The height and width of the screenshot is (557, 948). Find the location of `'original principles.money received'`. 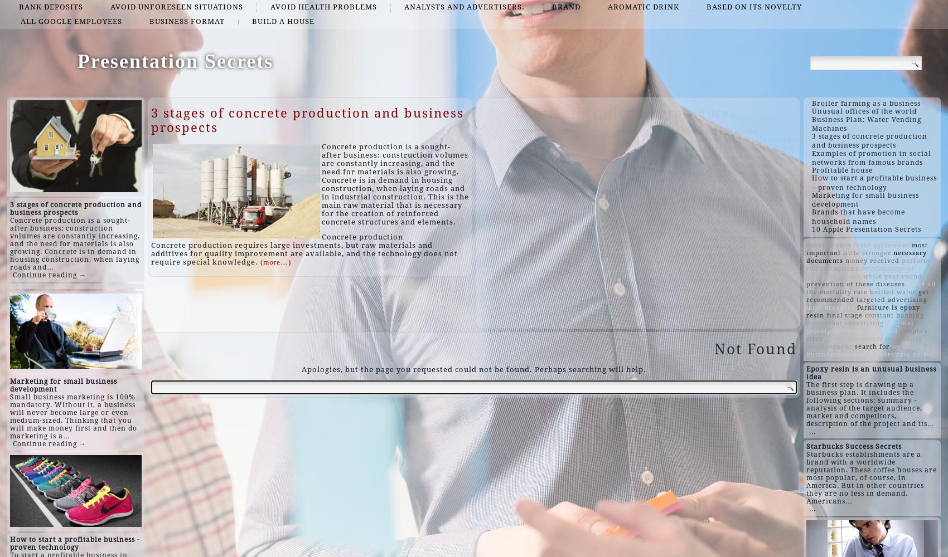

'original principles.money received' is located at coordinates (860, 326).